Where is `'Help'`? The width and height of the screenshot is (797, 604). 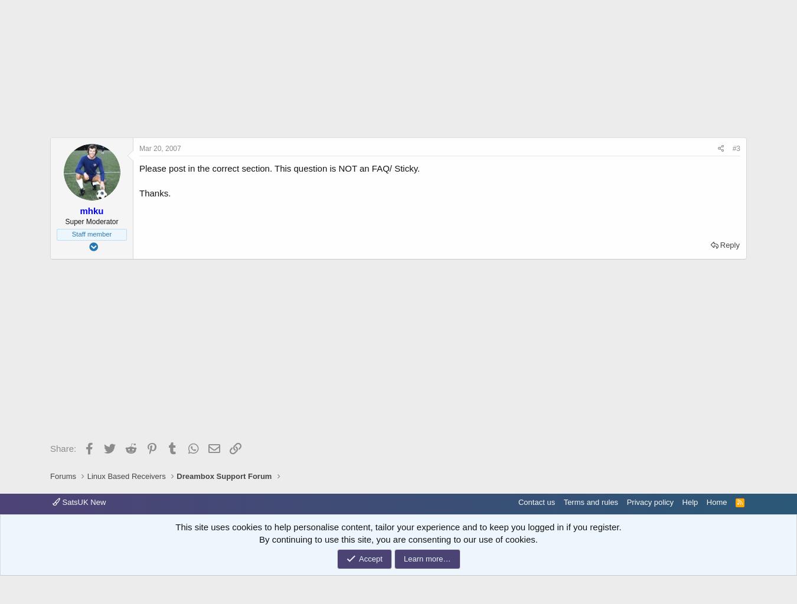
'Help' is located at coordinates (681, 501).